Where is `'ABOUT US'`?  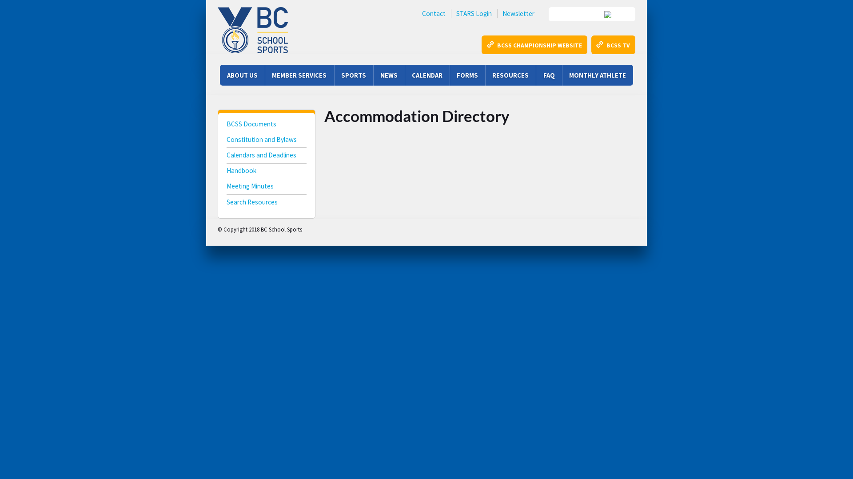
'ABOUT US' is located at coordinates (219, 75).